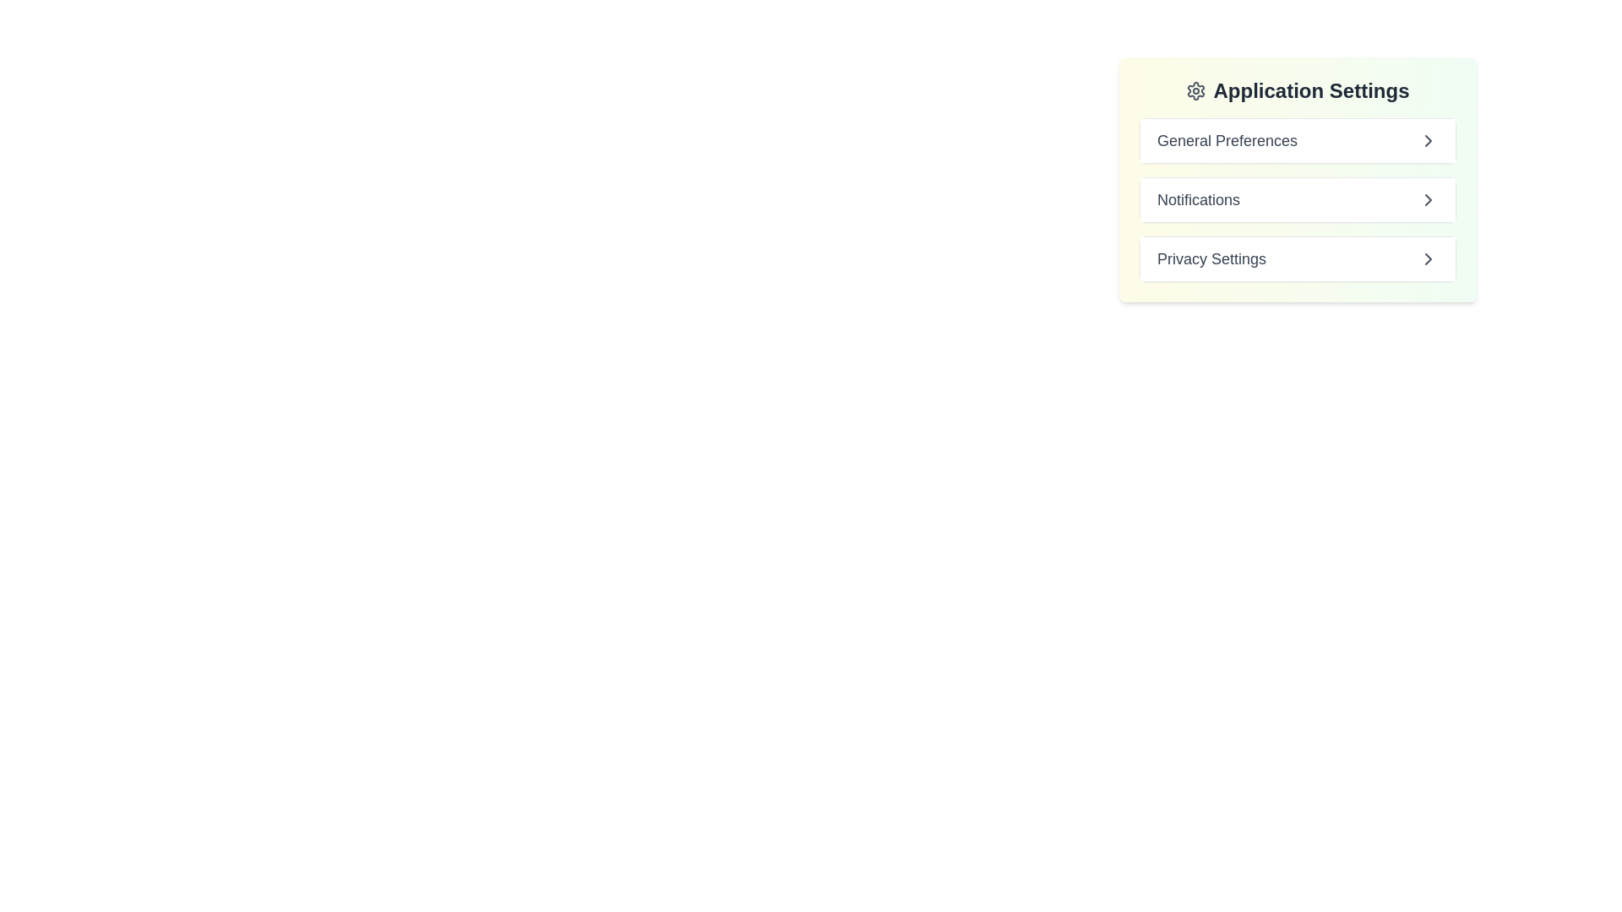 This screenshot has width=1622, height=912. I want to click on the first interactive list item in the 'Application Settings' card, so click(1297, 139).